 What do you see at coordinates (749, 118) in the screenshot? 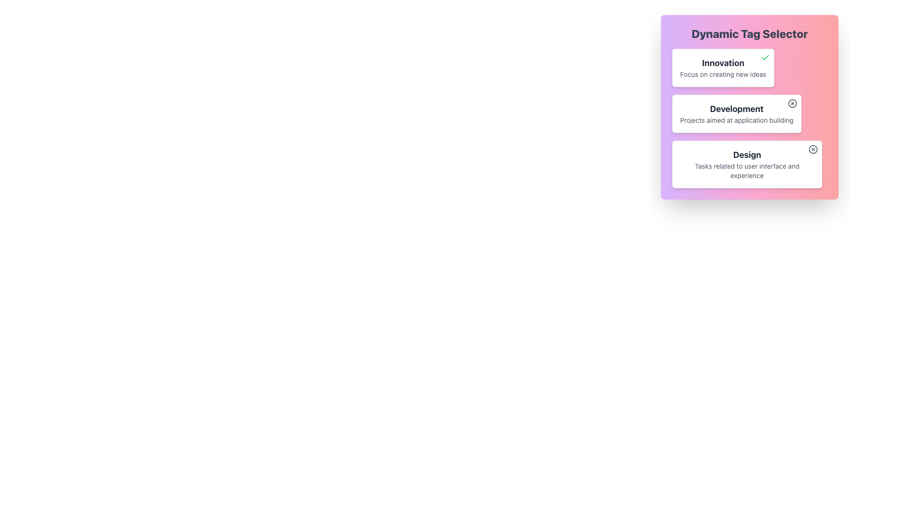
I see `the Information card containing the bold text 'Development' and the description 'Projects aimed at application building', which is the second box in the vertical list within the 'Dynamic Tag Selector' section` at bounding box center [749, 118].